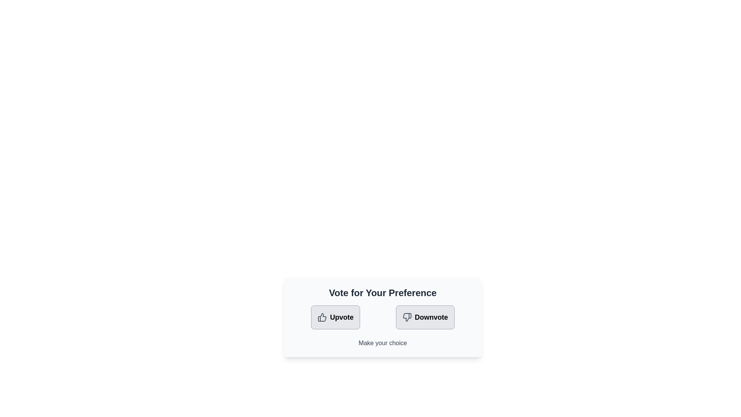 The image size is (741, 417). I want to click on the thumbs-down icon, which is styled gray and located to the left of the 'Downvote' label, so click(406, 317).